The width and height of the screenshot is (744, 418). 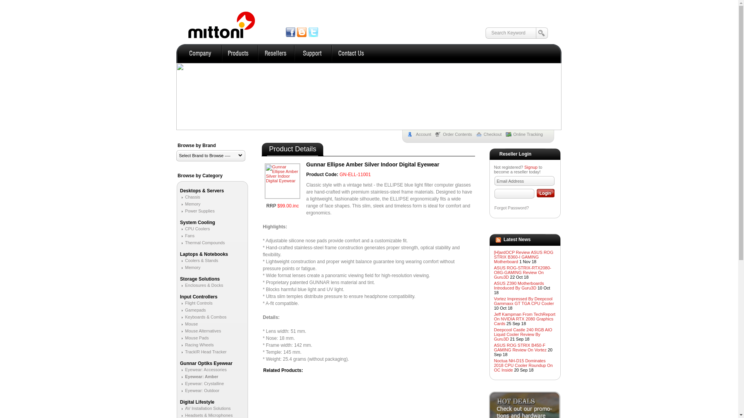 What do you see at coordinates (179, 376) in the screenshot?
I see `'Eyewear: Amber'` at bounding box center [179, 376].